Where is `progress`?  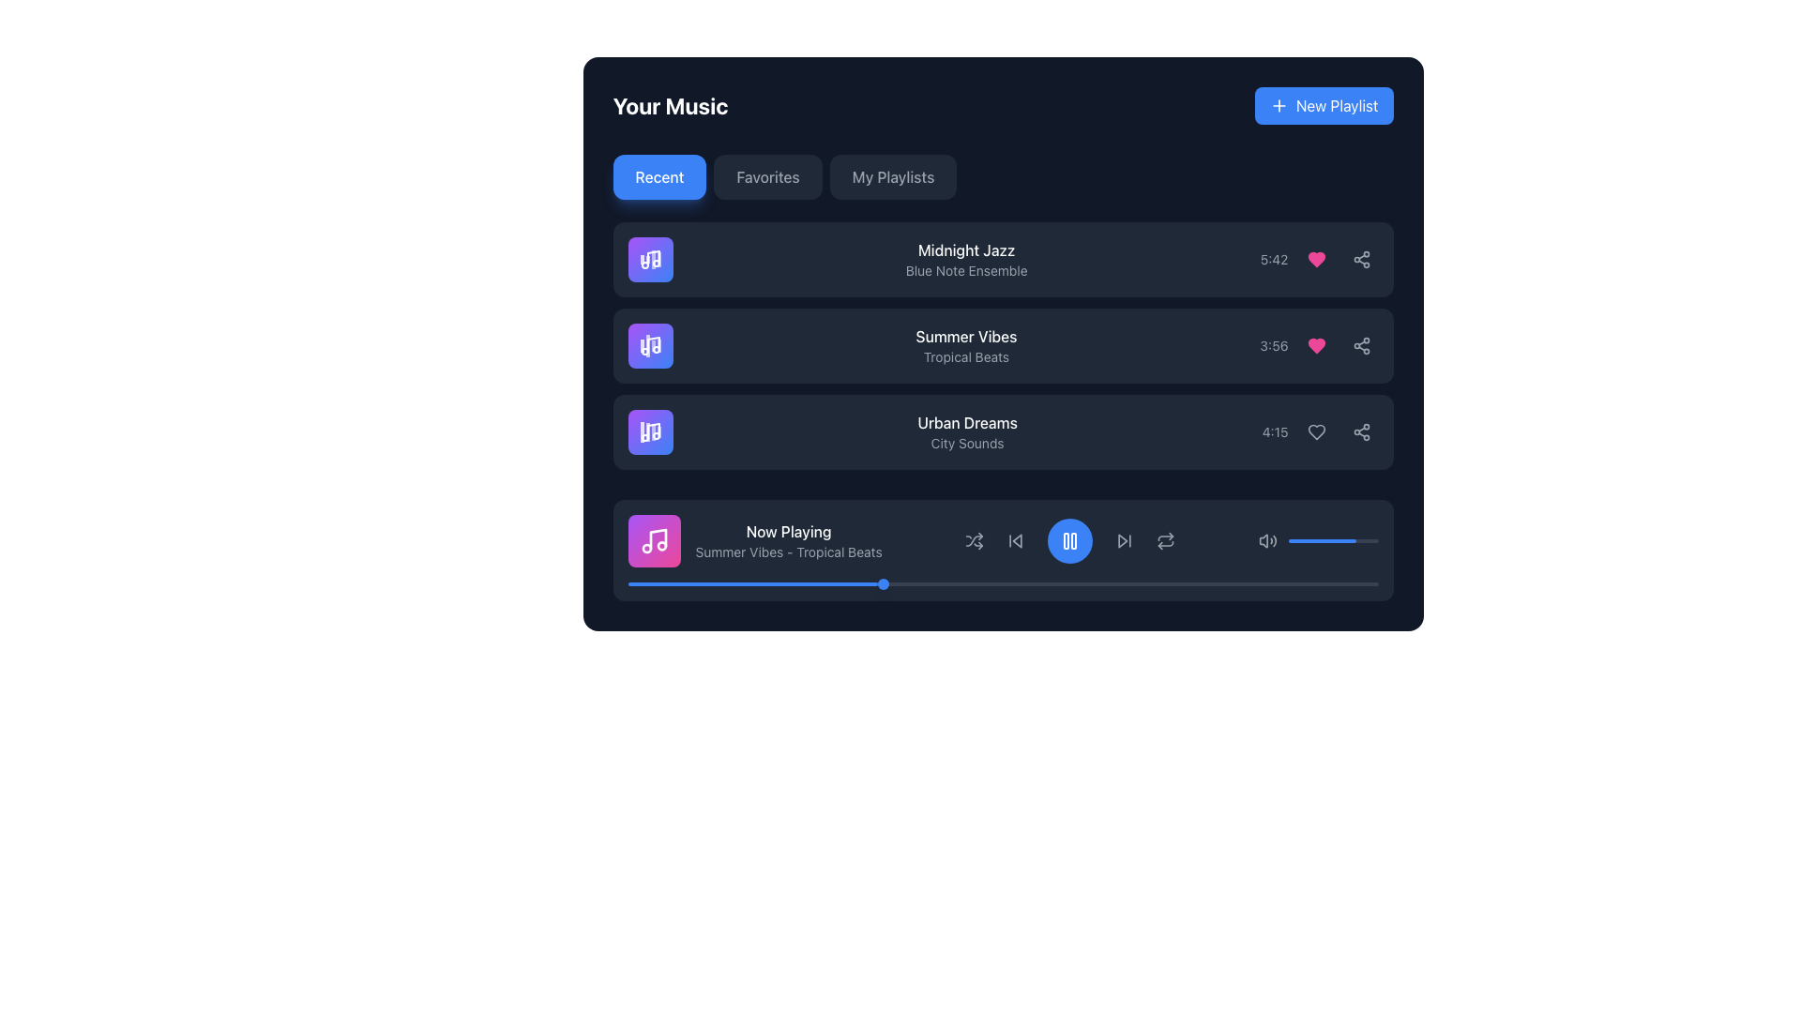 progress is located at coordinates (747, 583).